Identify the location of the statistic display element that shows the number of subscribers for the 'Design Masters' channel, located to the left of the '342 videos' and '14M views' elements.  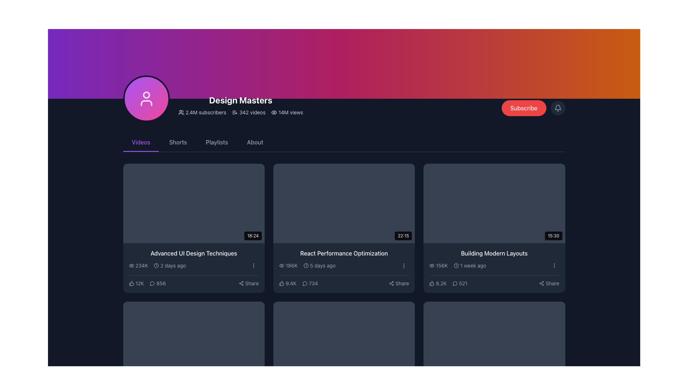
(202, 112).